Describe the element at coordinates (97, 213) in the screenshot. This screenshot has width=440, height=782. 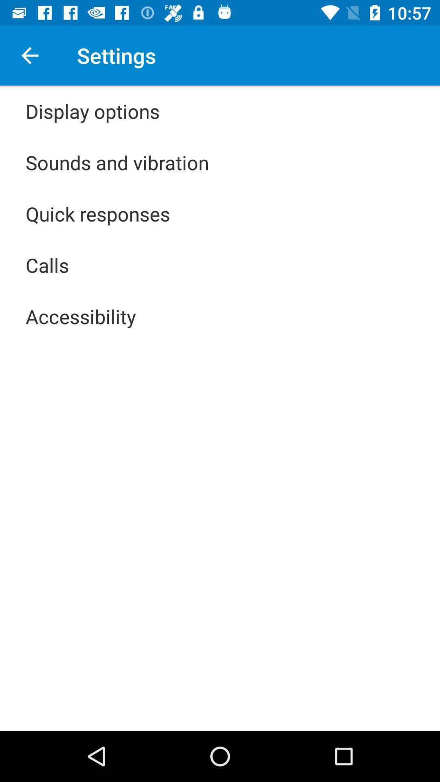
I see `app above calls` at that location.